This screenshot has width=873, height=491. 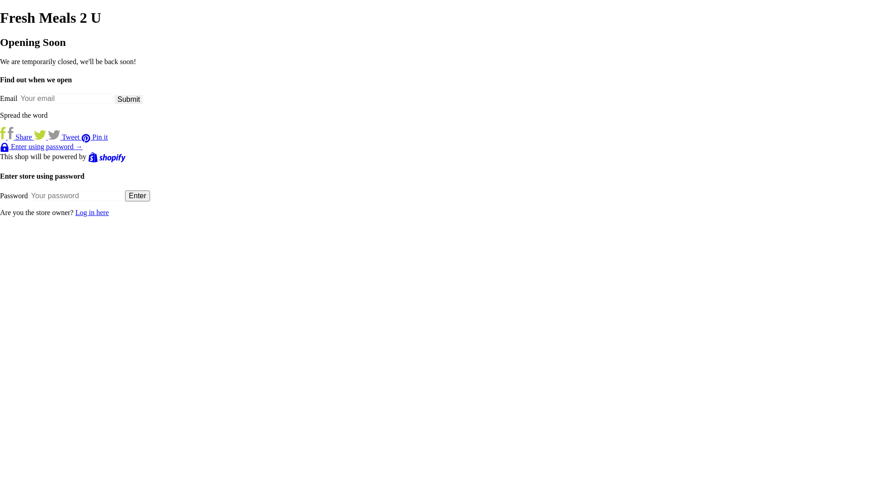 What do you see at coordinates (33, 137) in the screenshot?
I see `'Tweet` at bounding box center [33, 137].